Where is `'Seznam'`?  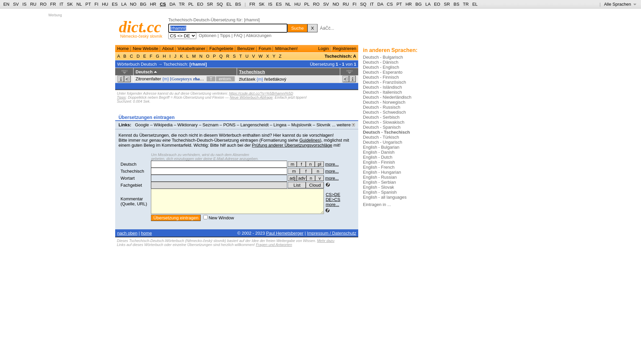 'Seznam' is located at coordinates (210, 125).